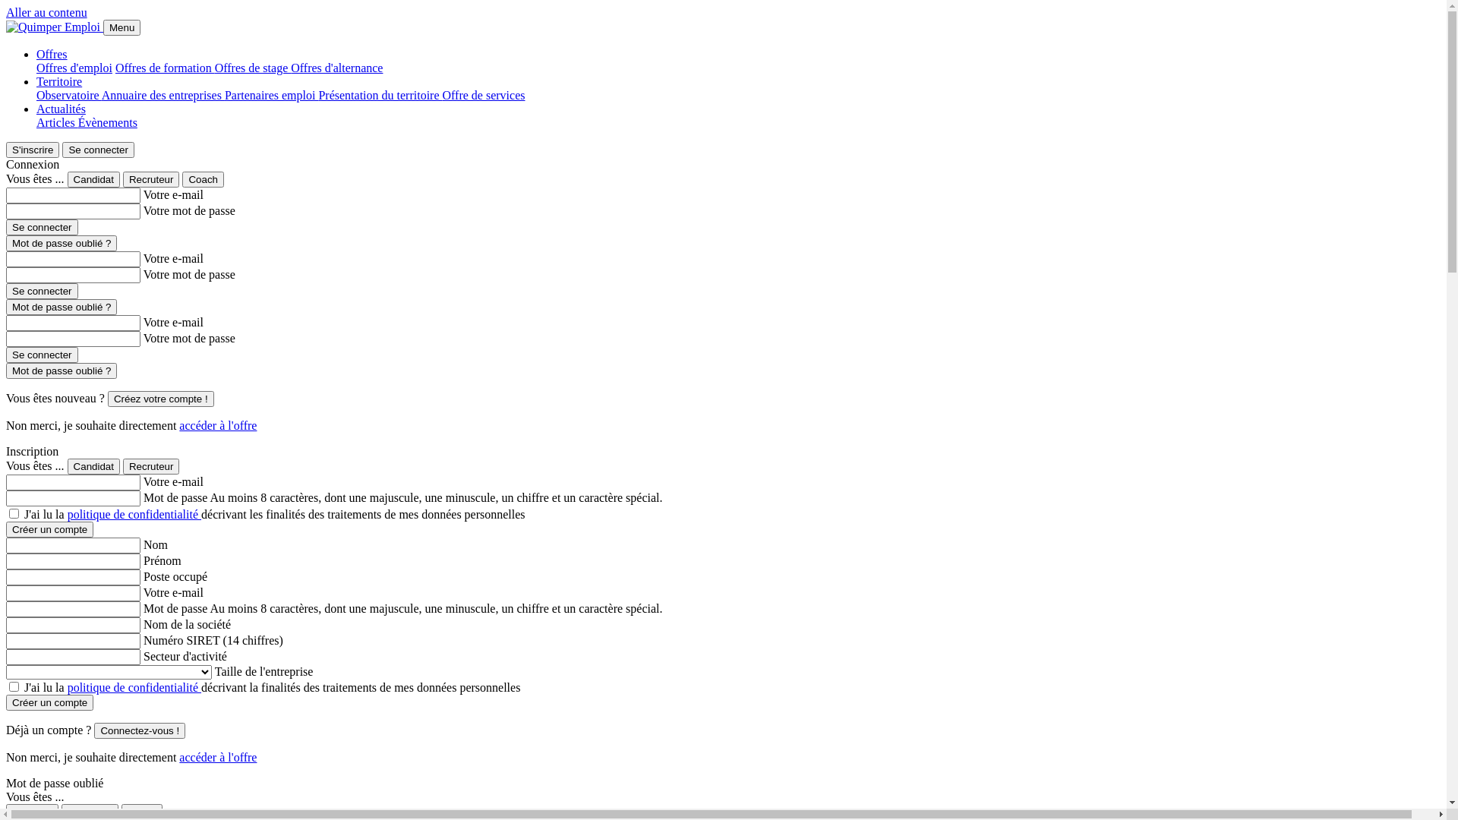 The width and height of the screenshot is (1458, 820). Describe the element at coordinates (482, 95) in the screenshot. I see `'Offre de services'` at that location.